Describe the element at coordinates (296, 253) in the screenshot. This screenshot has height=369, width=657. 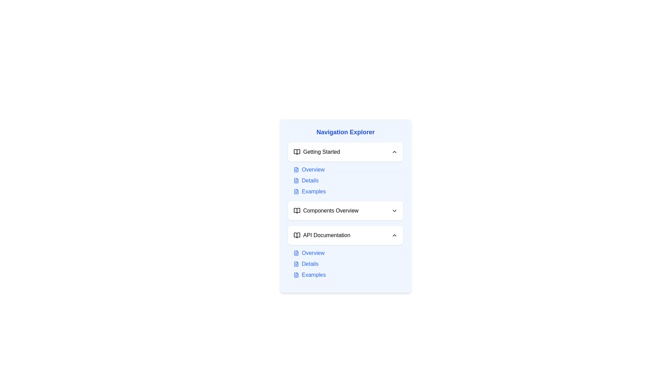
I see `the blue document icon located to the left of the 'Overview' text under the 'API Documentation' section of the navigation menu` at that location.